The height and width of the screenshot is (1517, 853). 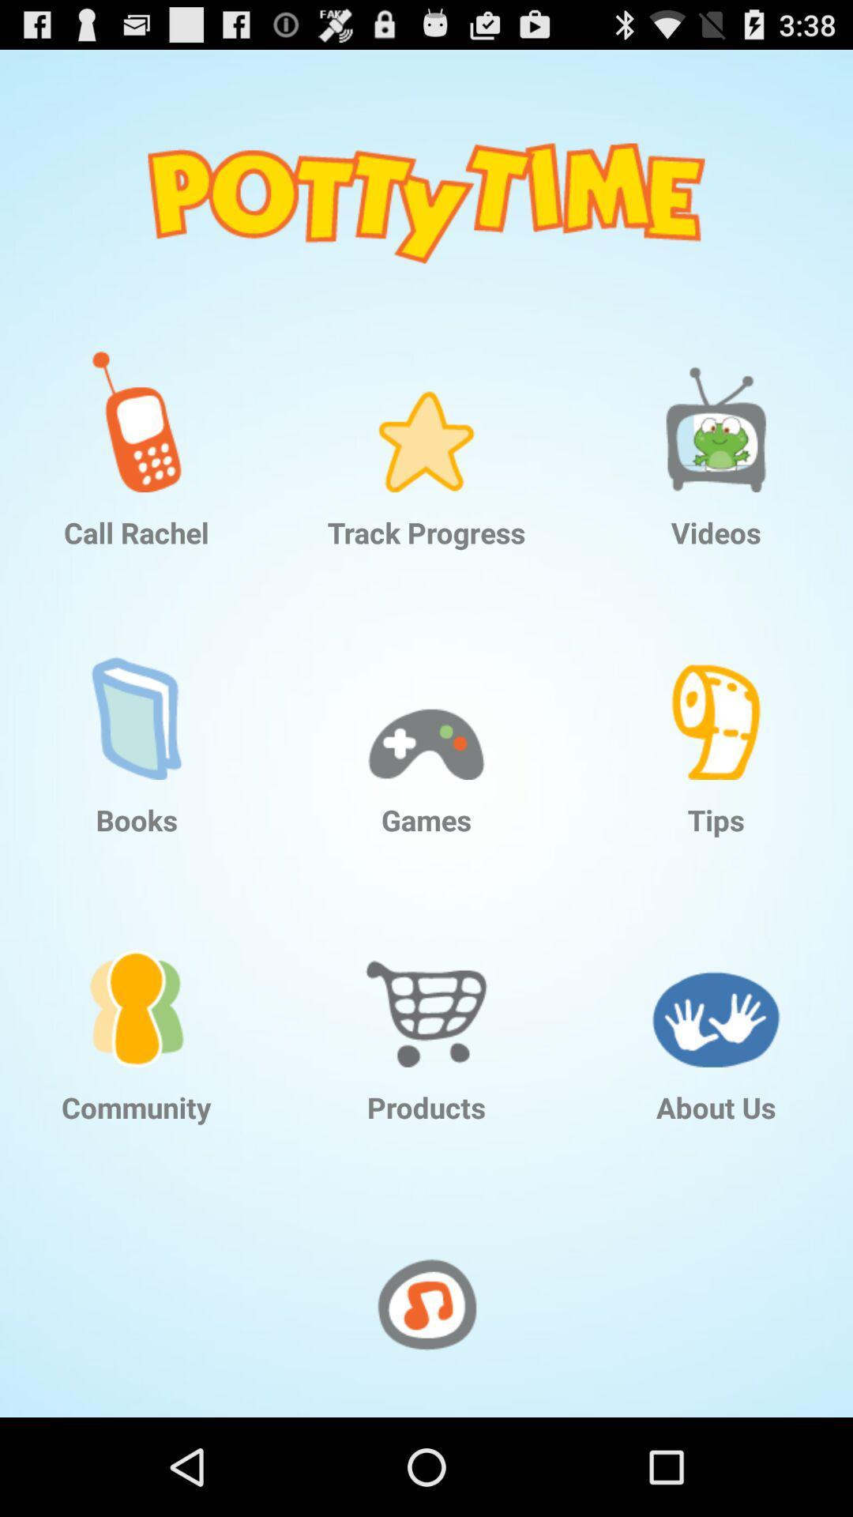 What do you see at coordinates (426, 409) in the screenshot?
I see `app above the track progress app` at bounding box center [426, 409].